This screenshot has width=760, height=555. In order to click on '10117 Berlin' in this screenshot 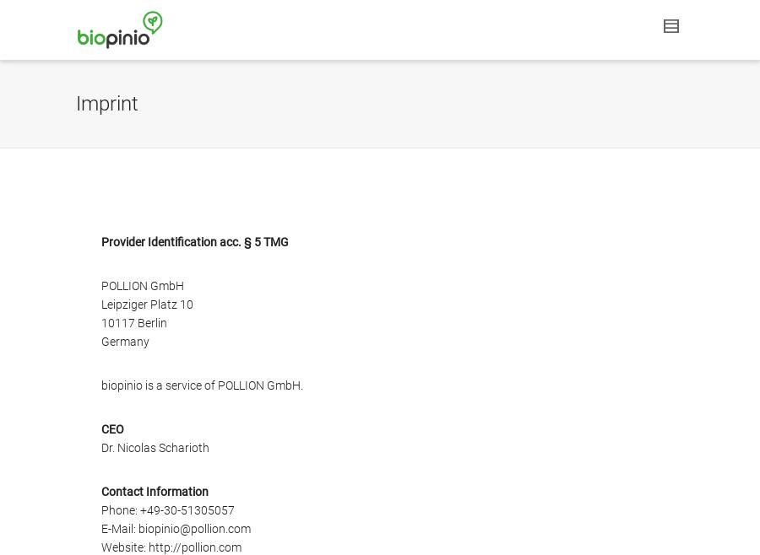, I will do `click(134, 321)`.